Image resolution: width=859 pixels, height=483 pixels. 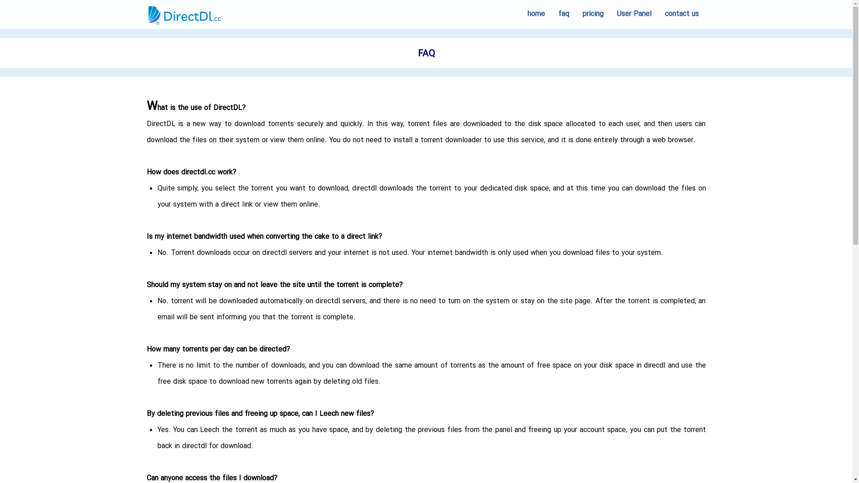 I want to click on 'User Panel', so click(x=634, y=14).